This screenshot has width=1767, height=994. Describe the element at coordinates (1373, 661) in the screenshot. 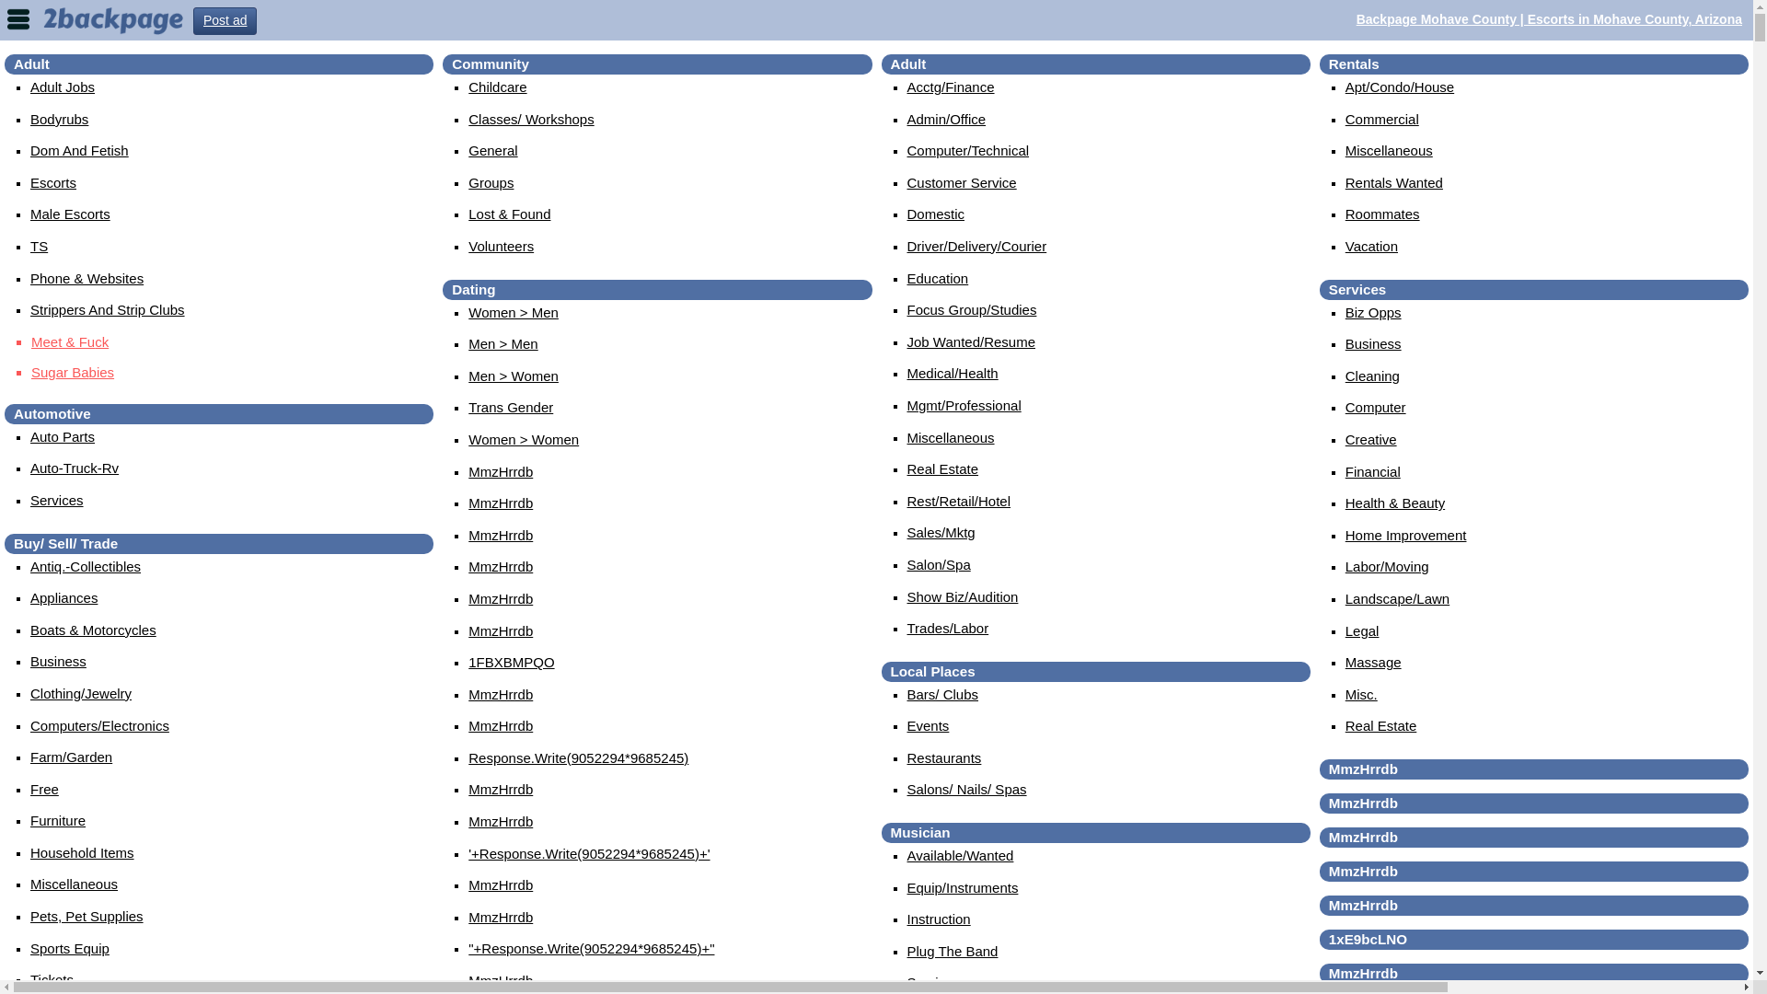

I see `'Massage'` at that location.